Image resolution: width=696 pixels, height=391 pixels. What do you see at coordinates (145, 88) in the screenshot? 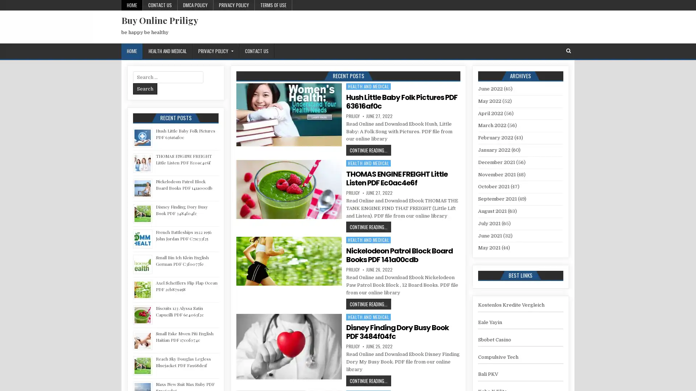
I see `Search` at bounding box center [145, 88].